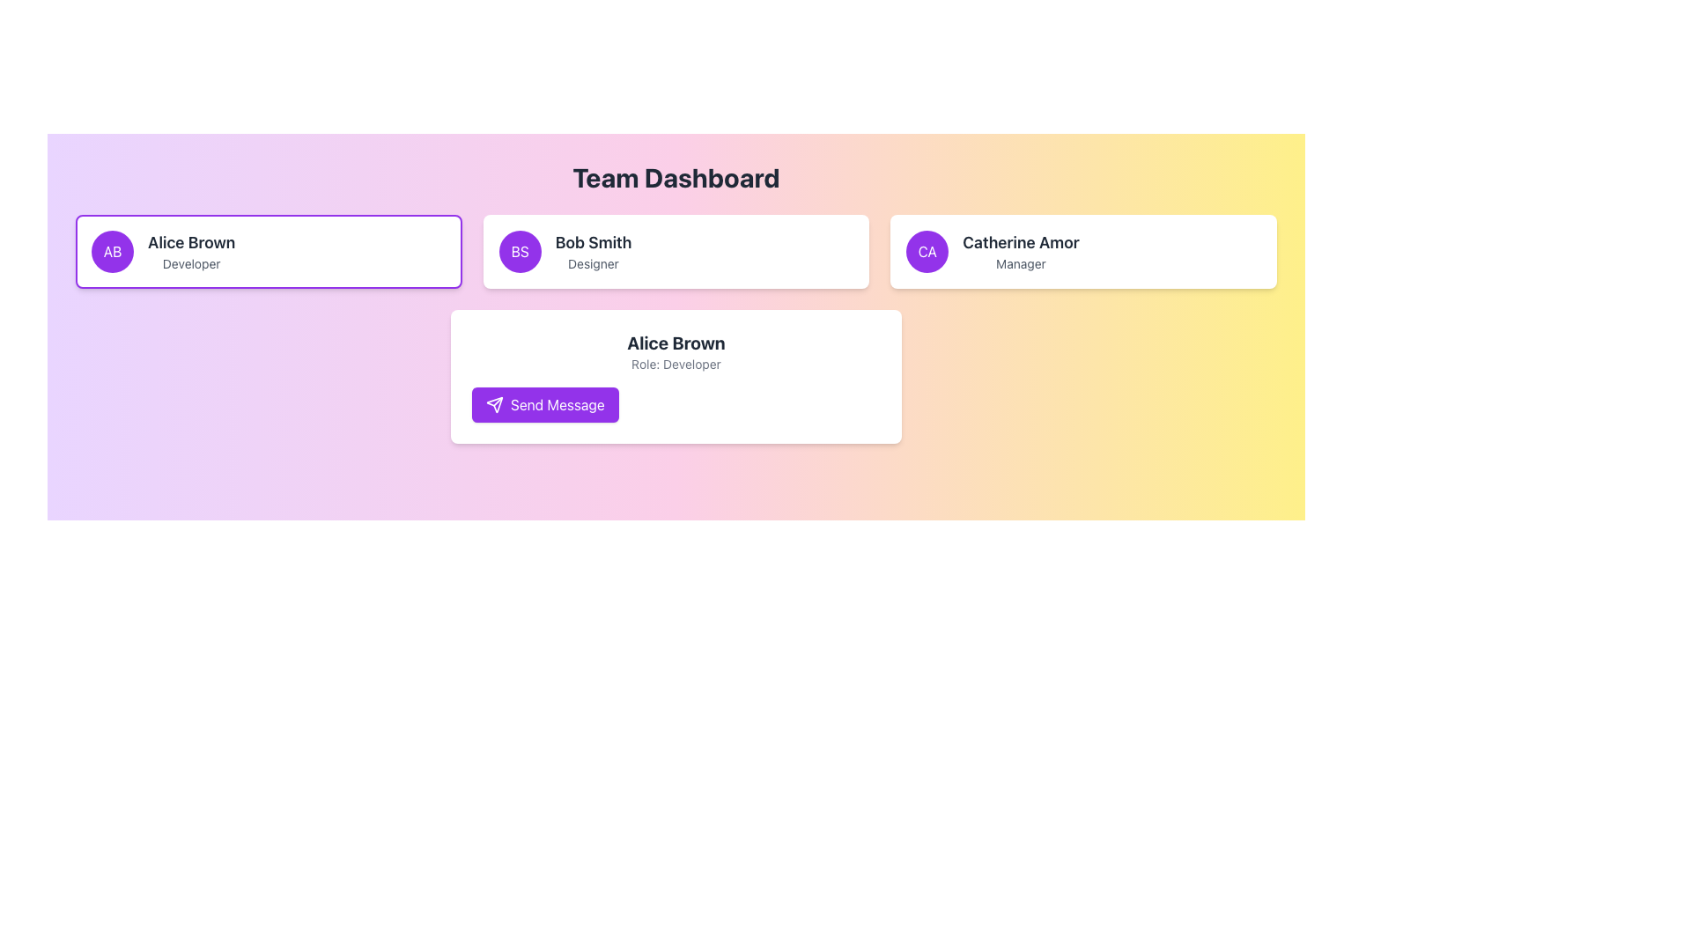 This screenshot has width=1691, height=951. Describe the element at coordinates (519, 251) in the screenshot. I see `the Avatar or Profile Icon for 'Bob Smith', which is a circular area with a purple background and white text 'BS', located in the 'Team Dashboard' section` at that location.